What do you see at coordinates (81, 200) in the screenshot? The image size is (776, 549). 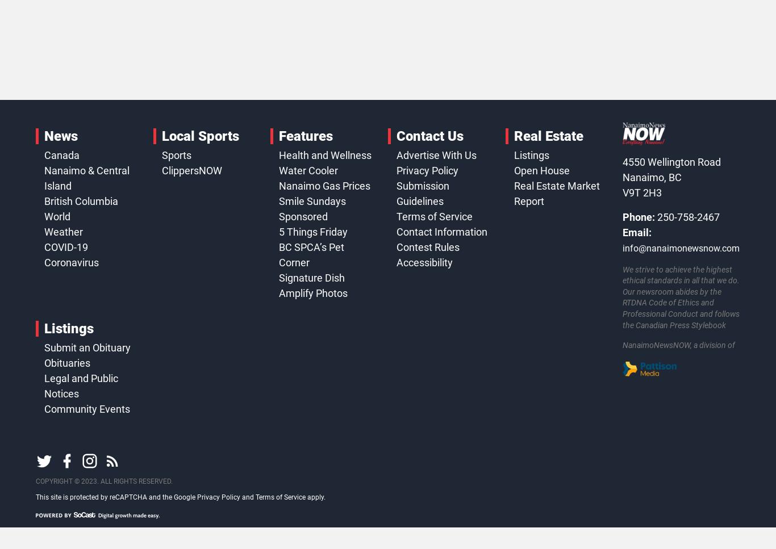 I see `'British Columbia'` at bounding box center [81, 200].